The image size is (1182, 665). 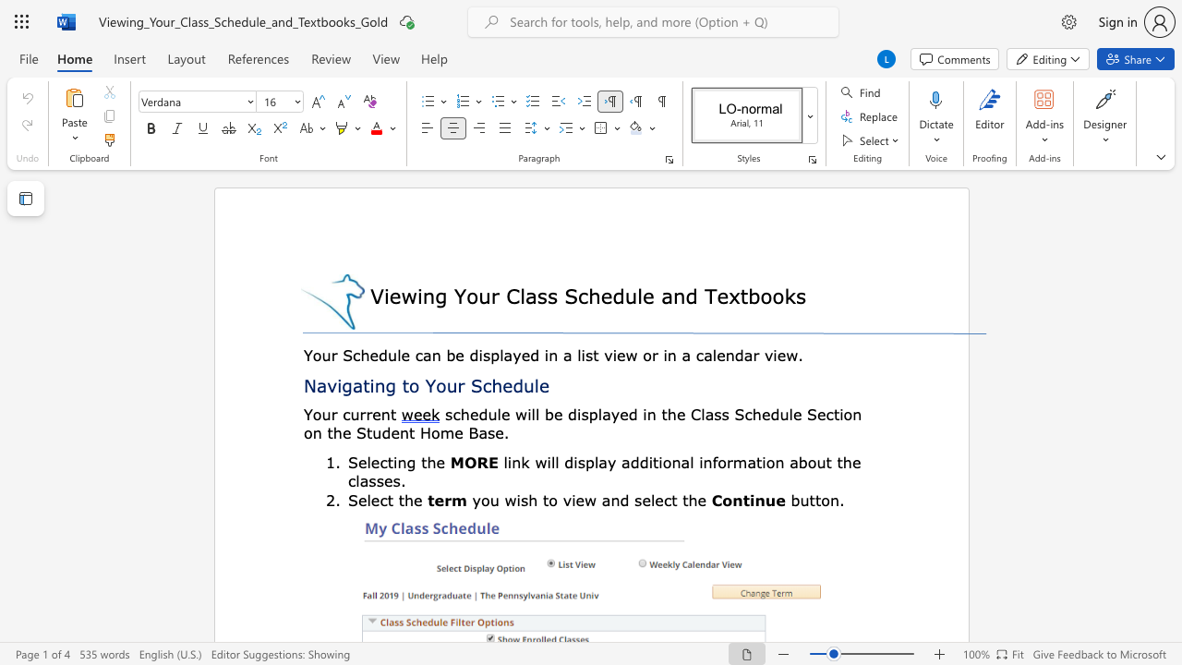 I want to click on the 2th character "o" in the text, so click(x=647, y=355).